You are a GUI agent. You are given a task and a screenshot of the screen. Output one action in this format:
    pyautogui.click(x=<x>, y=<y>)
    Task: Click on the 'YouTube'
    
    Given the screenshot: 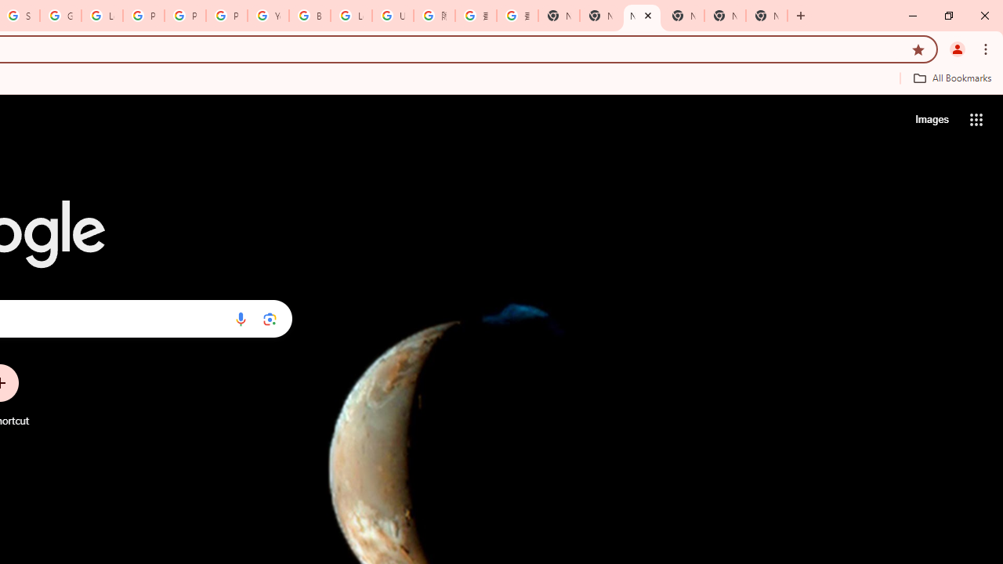 What is the action you would take?
    pyautogui.click(x=268, y=16)
    